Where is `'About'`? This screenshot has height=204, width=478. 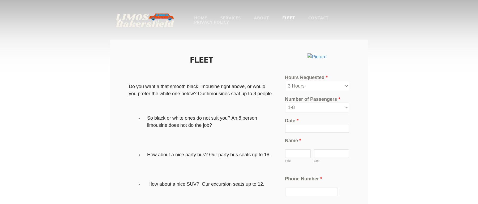
'About' is located at coordinates (261, 17).